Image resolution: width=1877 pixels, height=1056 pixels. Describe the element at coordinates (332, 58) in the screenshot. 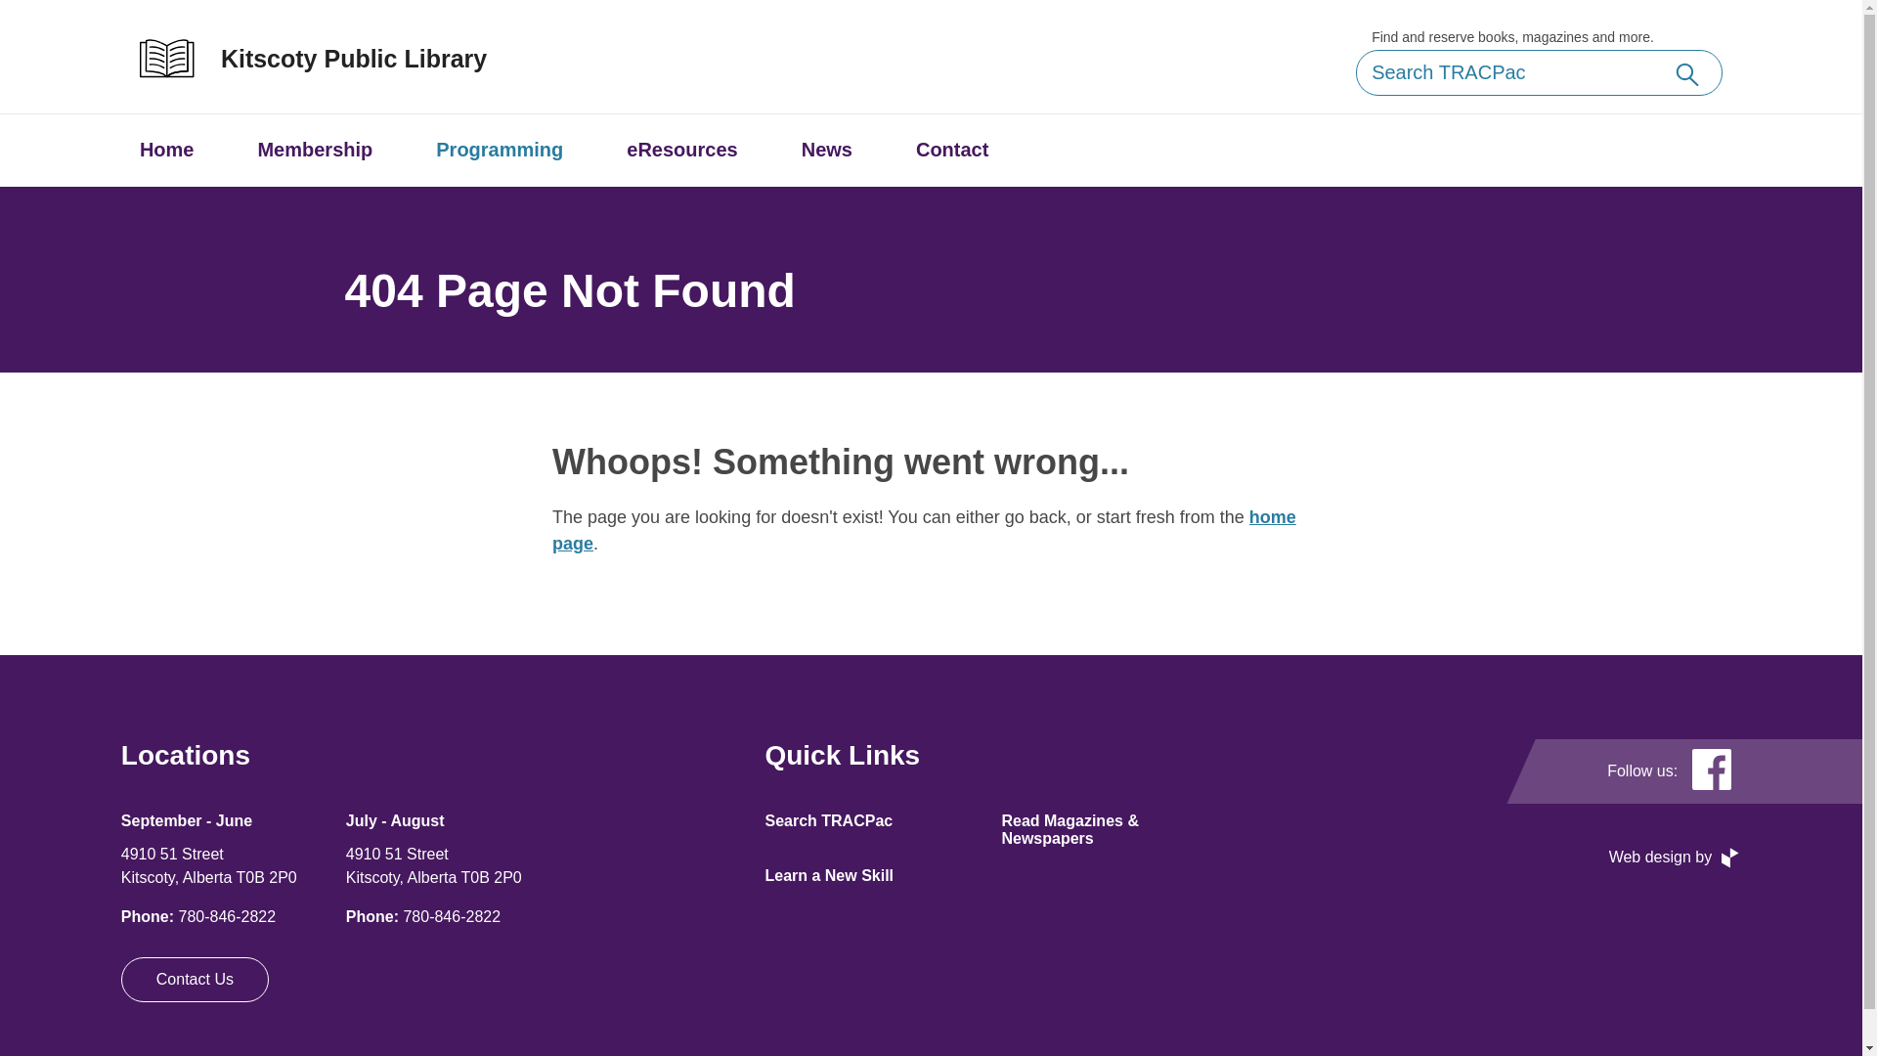

I see `'Kitscoty Public Library'` at that location.